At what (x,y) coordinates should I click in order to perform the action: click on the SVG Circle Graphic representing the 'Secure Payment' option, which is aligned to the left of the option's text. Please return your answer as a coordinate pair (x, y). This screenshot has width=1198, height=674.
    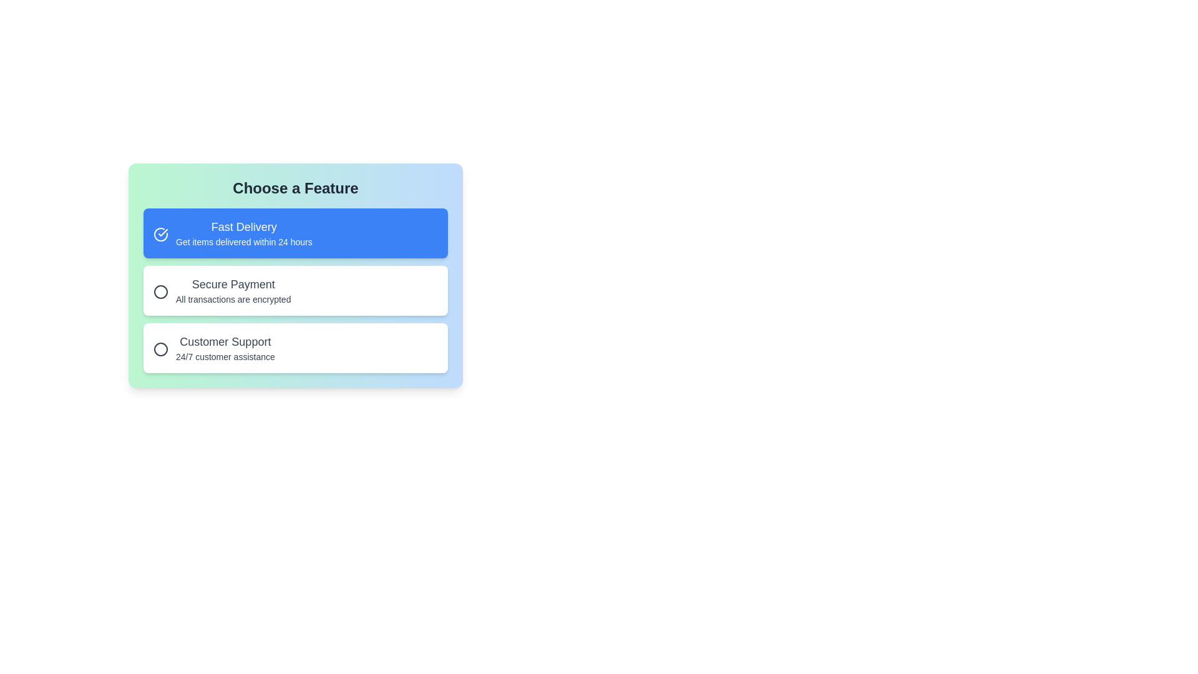
    Looking at the image, I should click on (160, 291).